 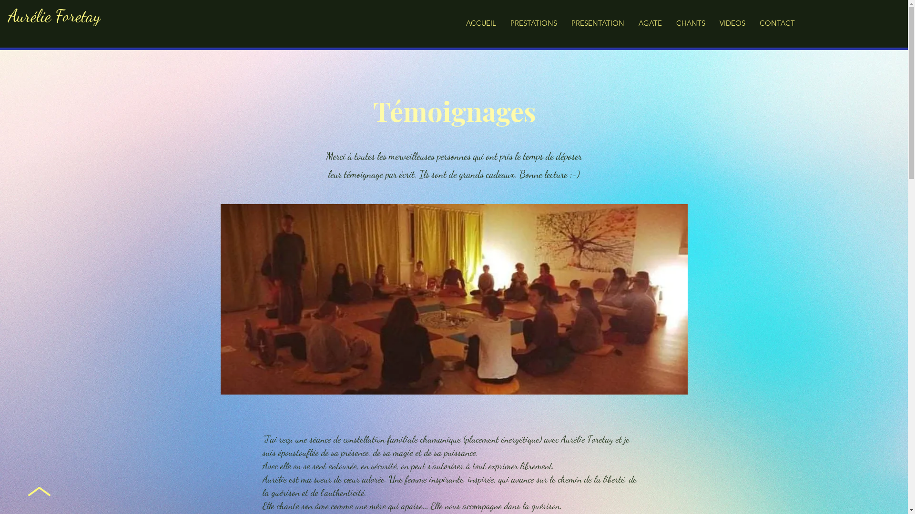 I want to click on 'AGATE', so click(x=650, y=23).